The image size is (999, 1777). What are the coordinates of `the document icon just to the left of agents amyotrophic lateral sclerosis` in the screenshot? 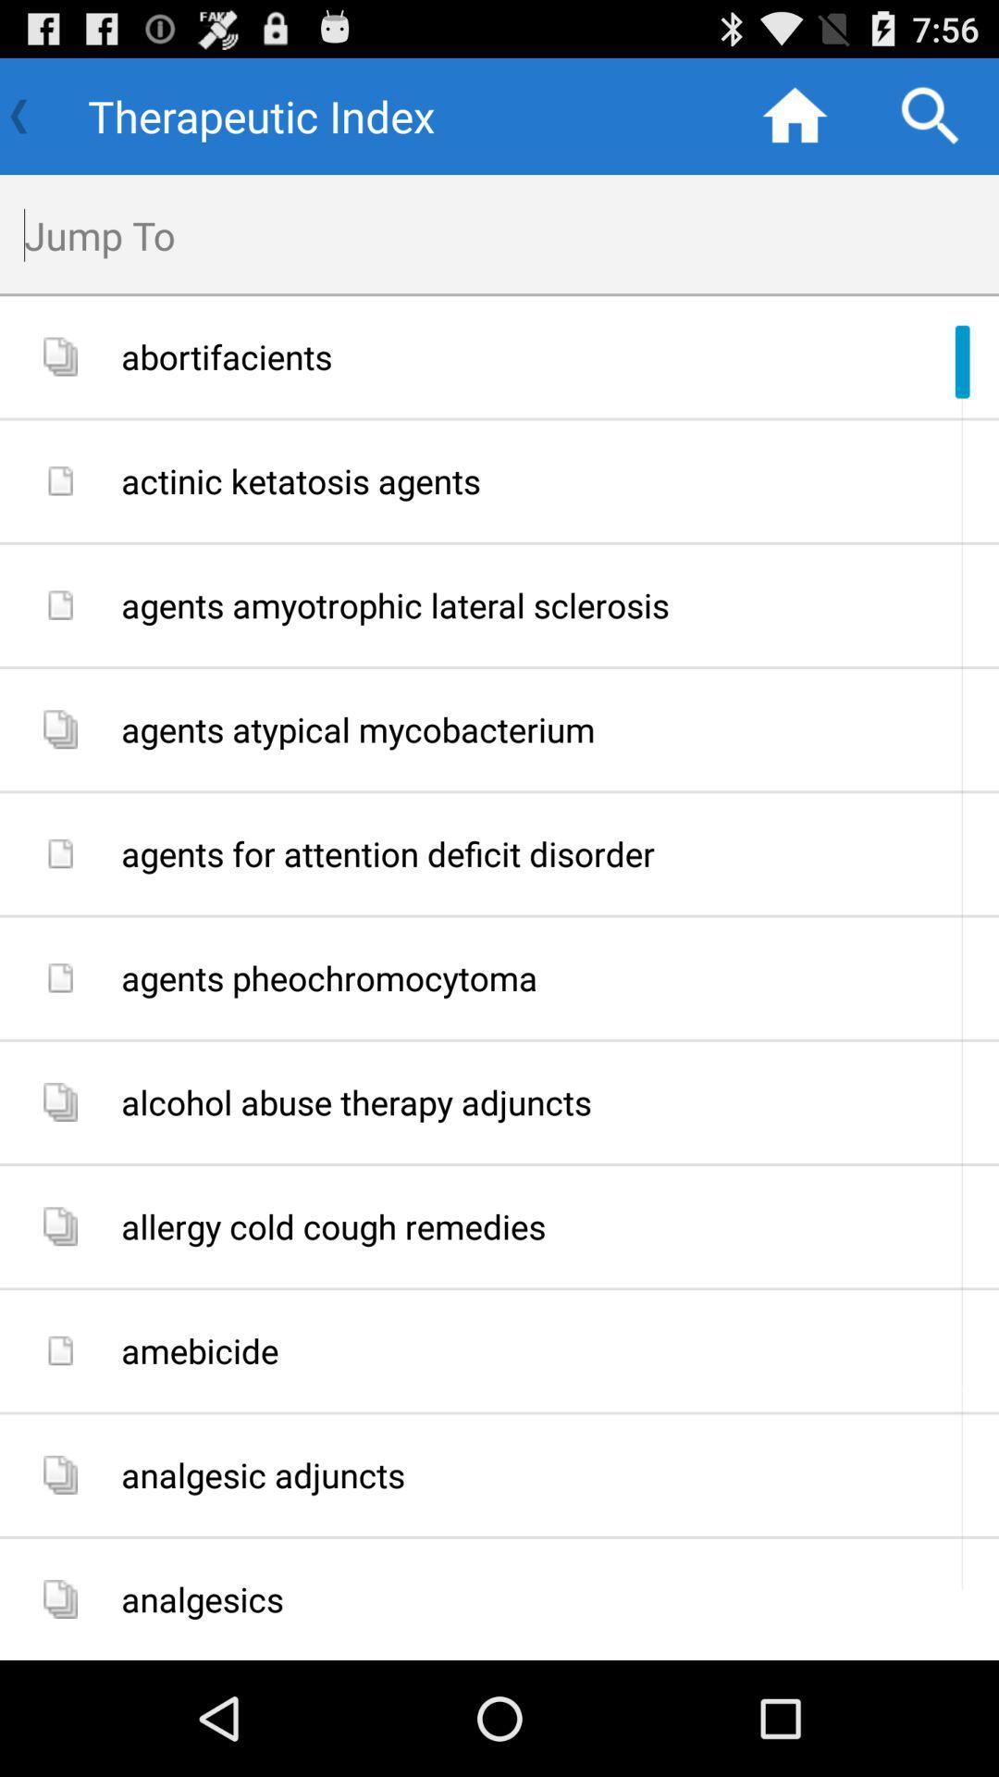 It's located at (59, 604).